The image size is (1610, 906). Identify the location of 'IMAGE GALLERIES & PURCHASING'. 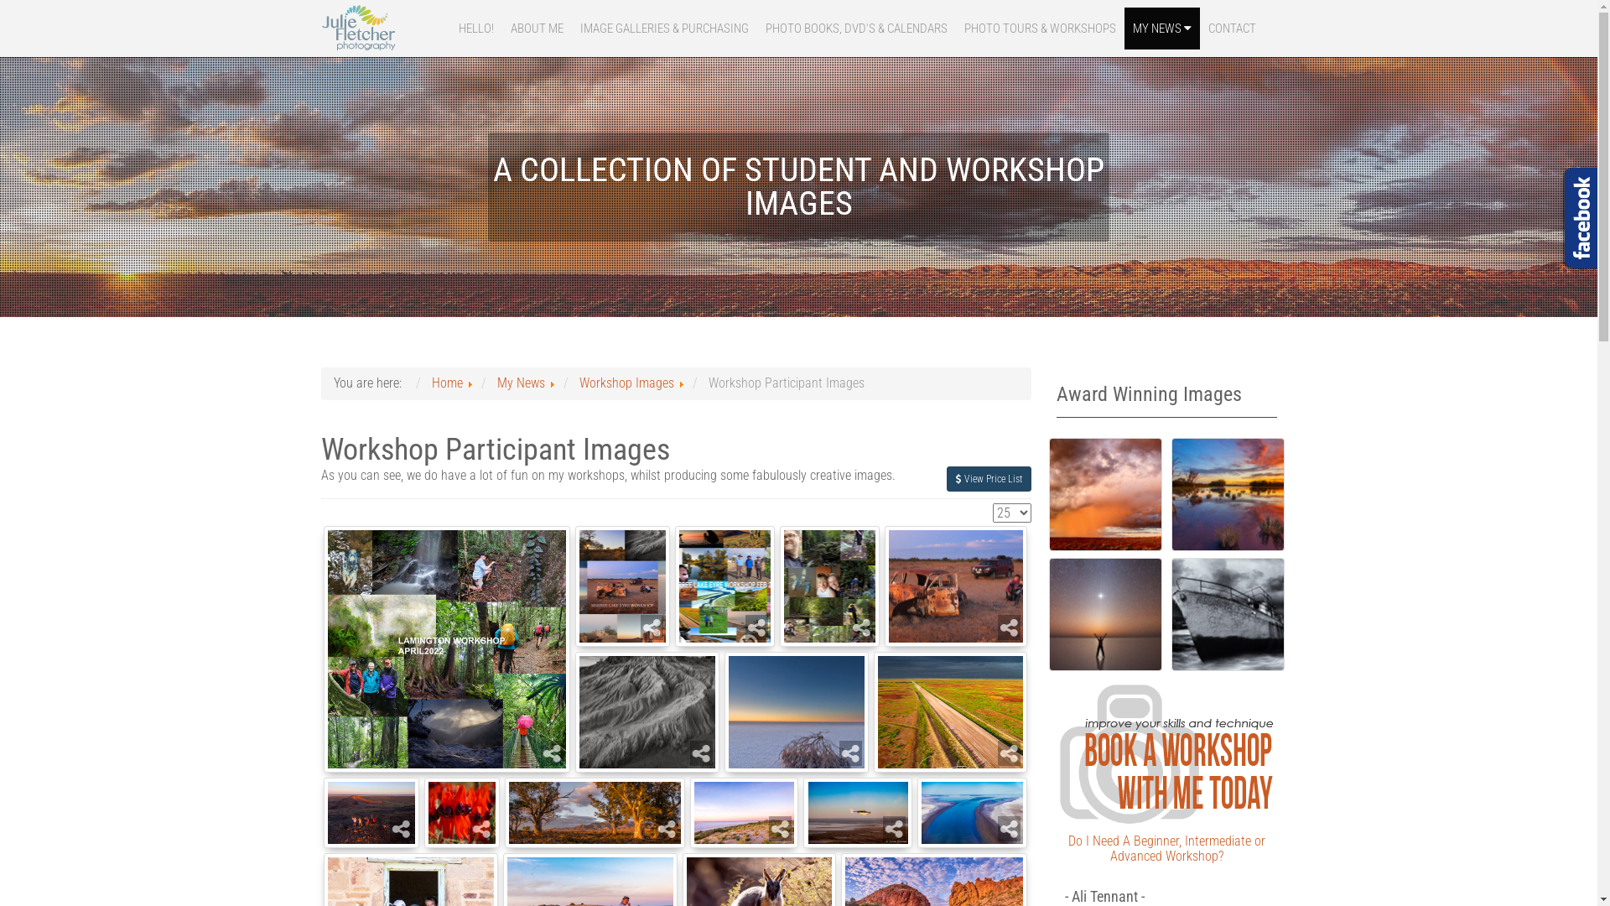
(663, 29).